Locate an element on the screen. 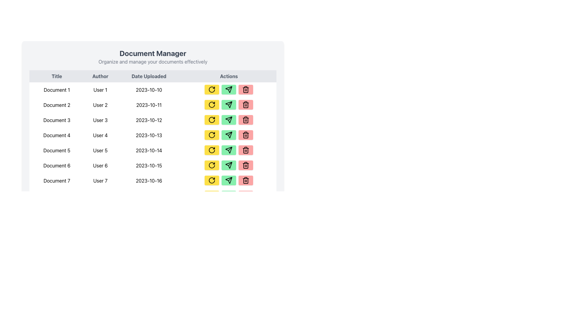 Image resolution: width=582 pixels, height=327 pixels. the trash bin icon button located in the Actions column of the Document Manager table for the document uploaded on 2023-10-14 to initiate a delete action is located at coordinates (246, 150).